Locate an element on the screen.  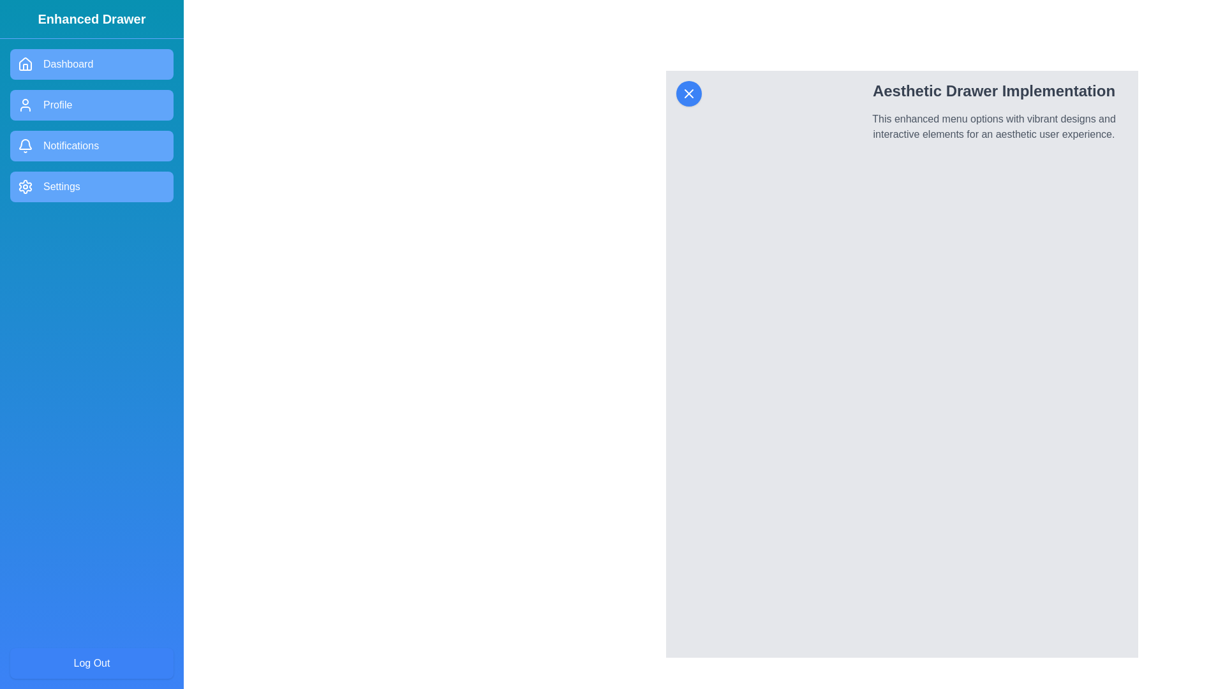
the close button positioned near the top-left corner of the main content area is located at coordinates (688, 93).